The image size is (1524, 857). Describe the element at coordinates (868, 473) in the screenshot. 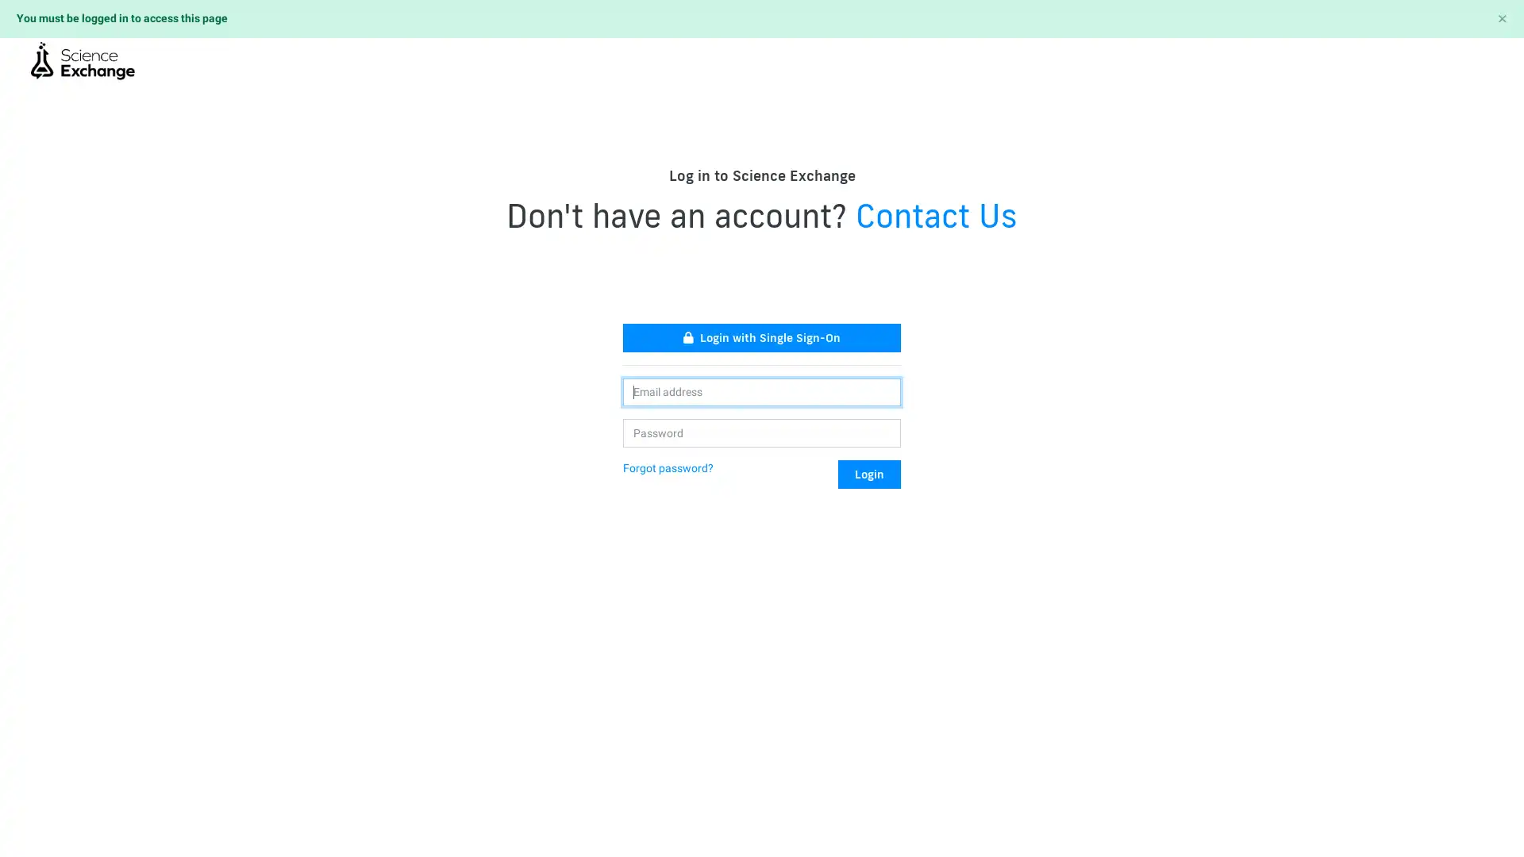

I see `Login` at that location.